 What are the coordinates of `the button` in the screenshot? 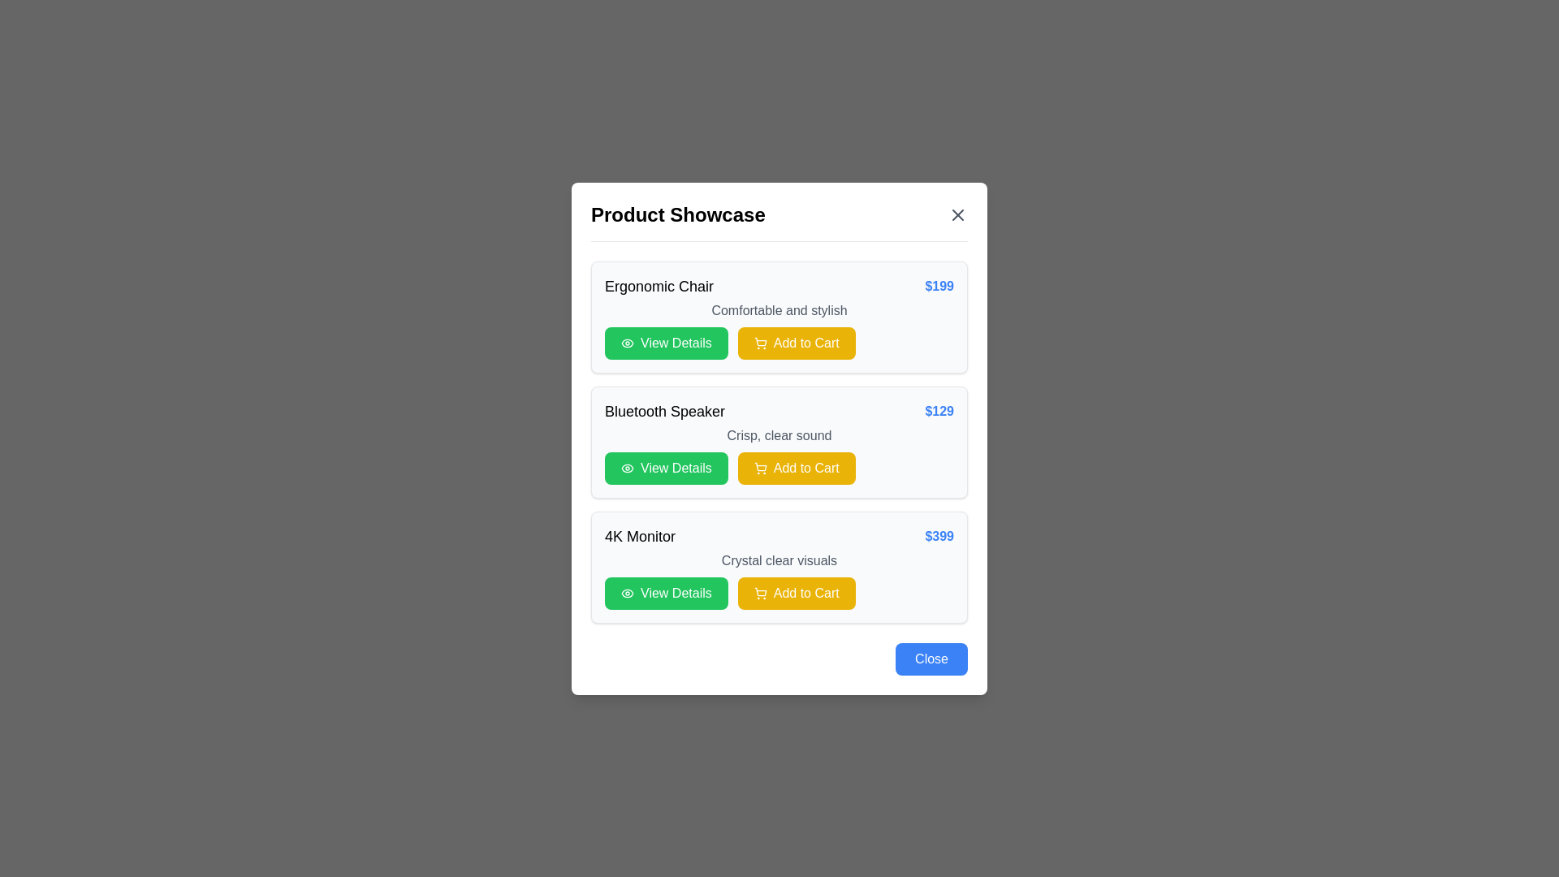 It's located at (666, 593).